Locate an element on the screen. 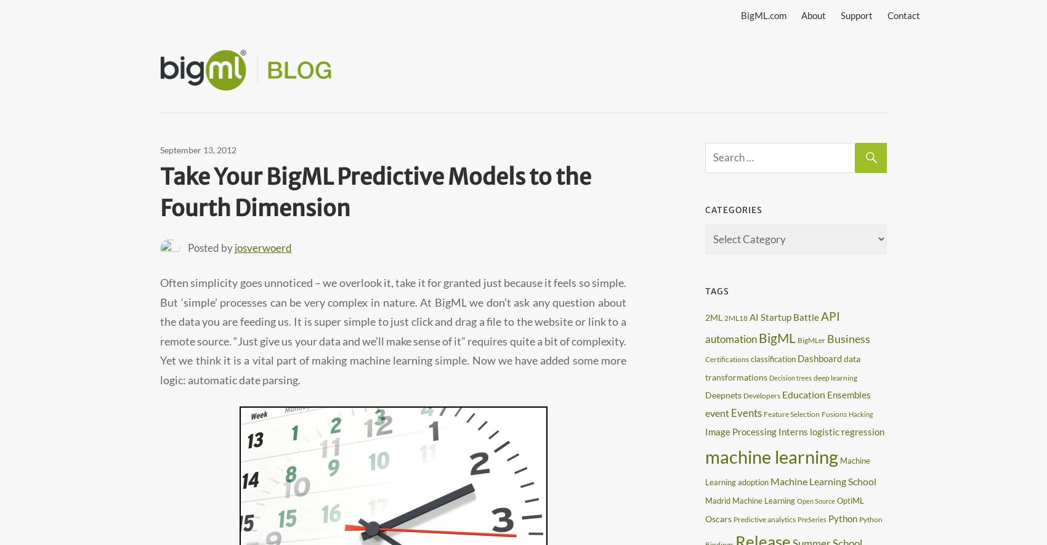 The image size is (1047, 545). 'Machine Learning Made Simple' is located at coordinates (450, 63).